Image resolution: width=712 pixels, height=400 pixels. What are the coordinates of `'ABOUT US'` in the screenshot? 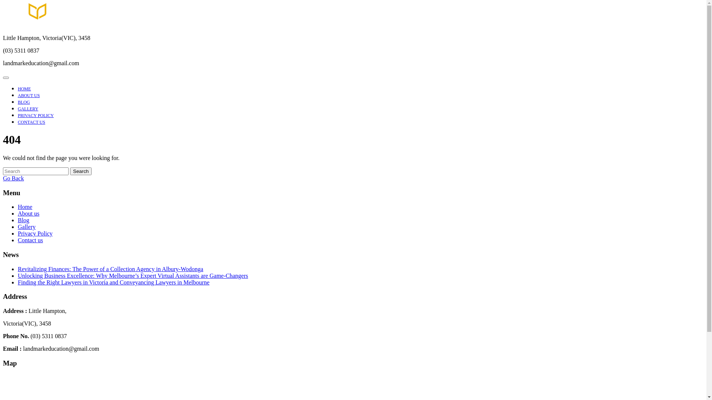 It's located at (29, 95).